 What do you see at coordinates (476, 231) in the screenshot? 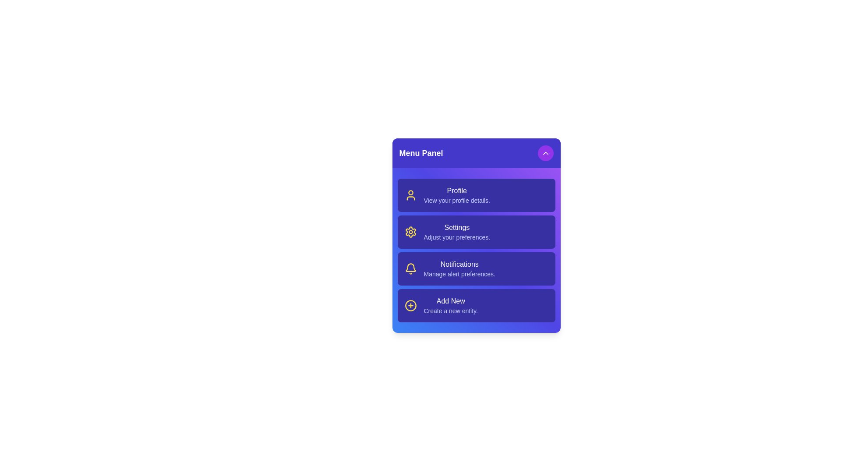
I see `the menu item Settings to trigger its hover effect` at bounding box center [476, 231].